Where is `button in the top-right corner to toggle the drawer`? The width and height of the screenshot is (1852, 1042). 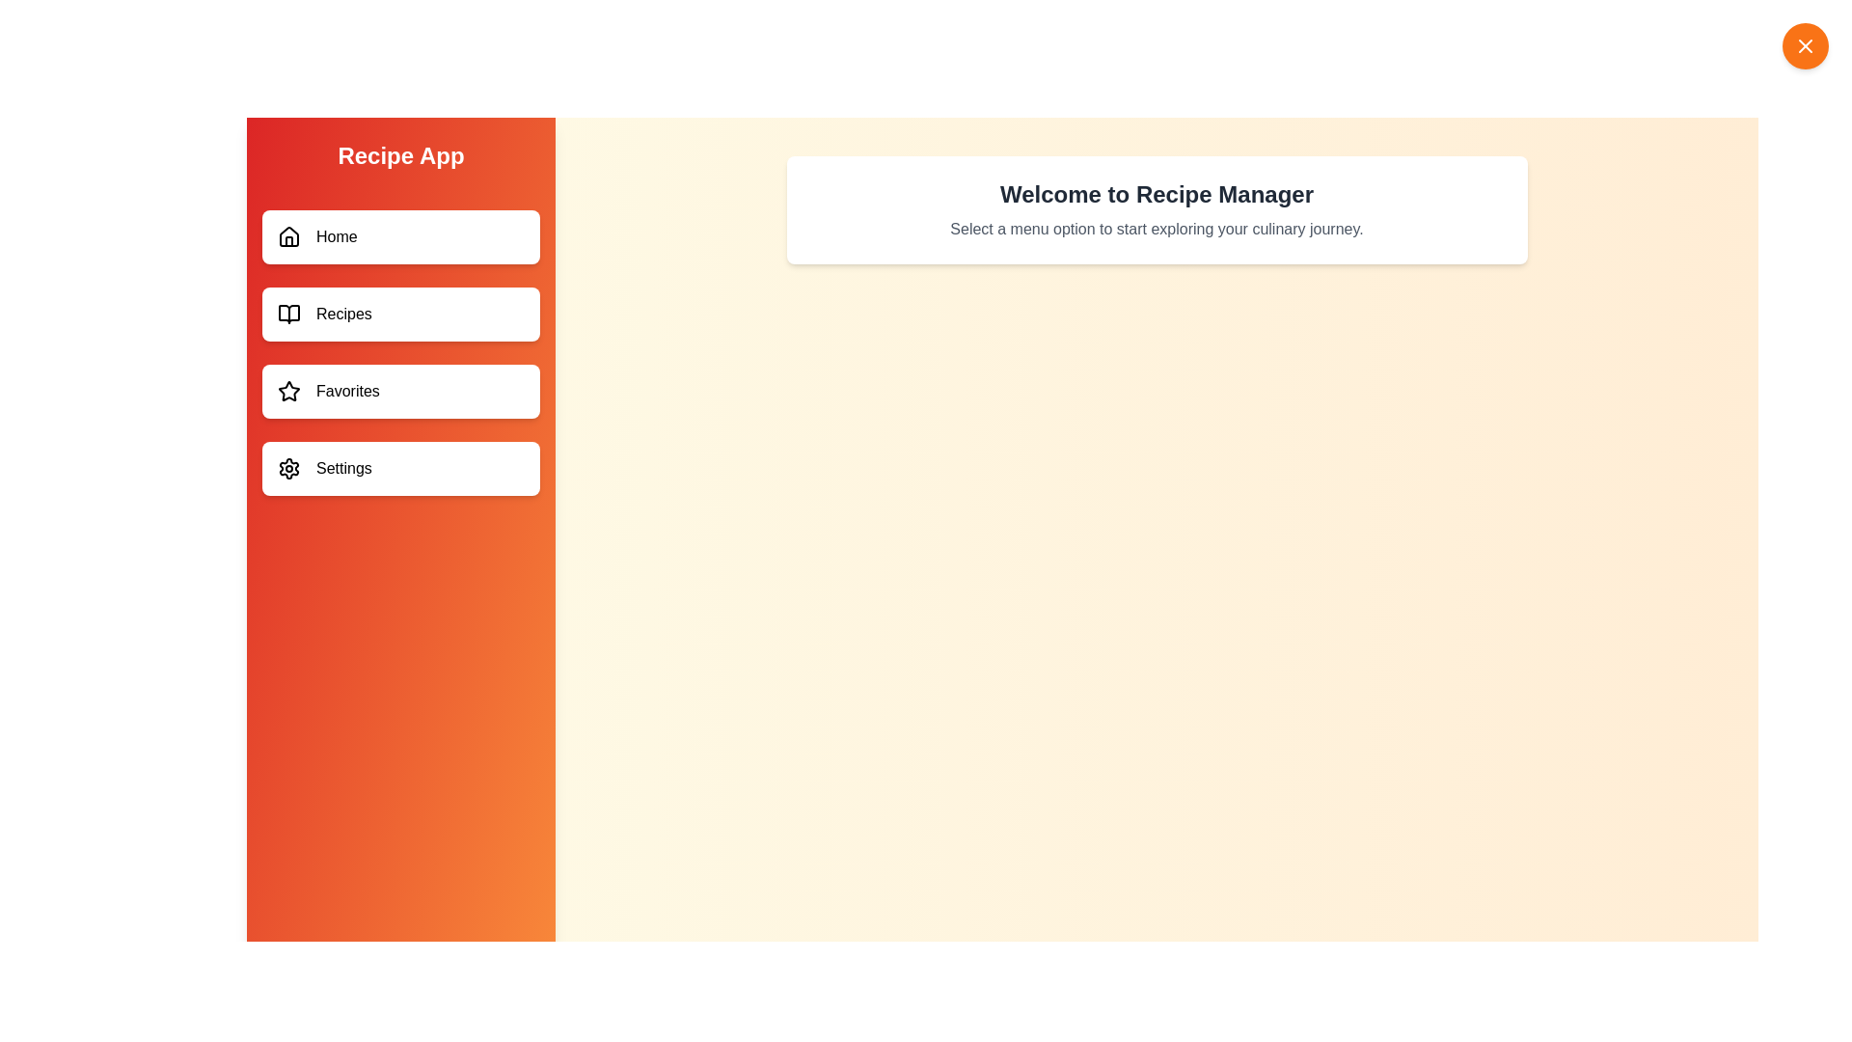
button in the top-right corner to toggle the drawer is located at coordinates (1805, 44).